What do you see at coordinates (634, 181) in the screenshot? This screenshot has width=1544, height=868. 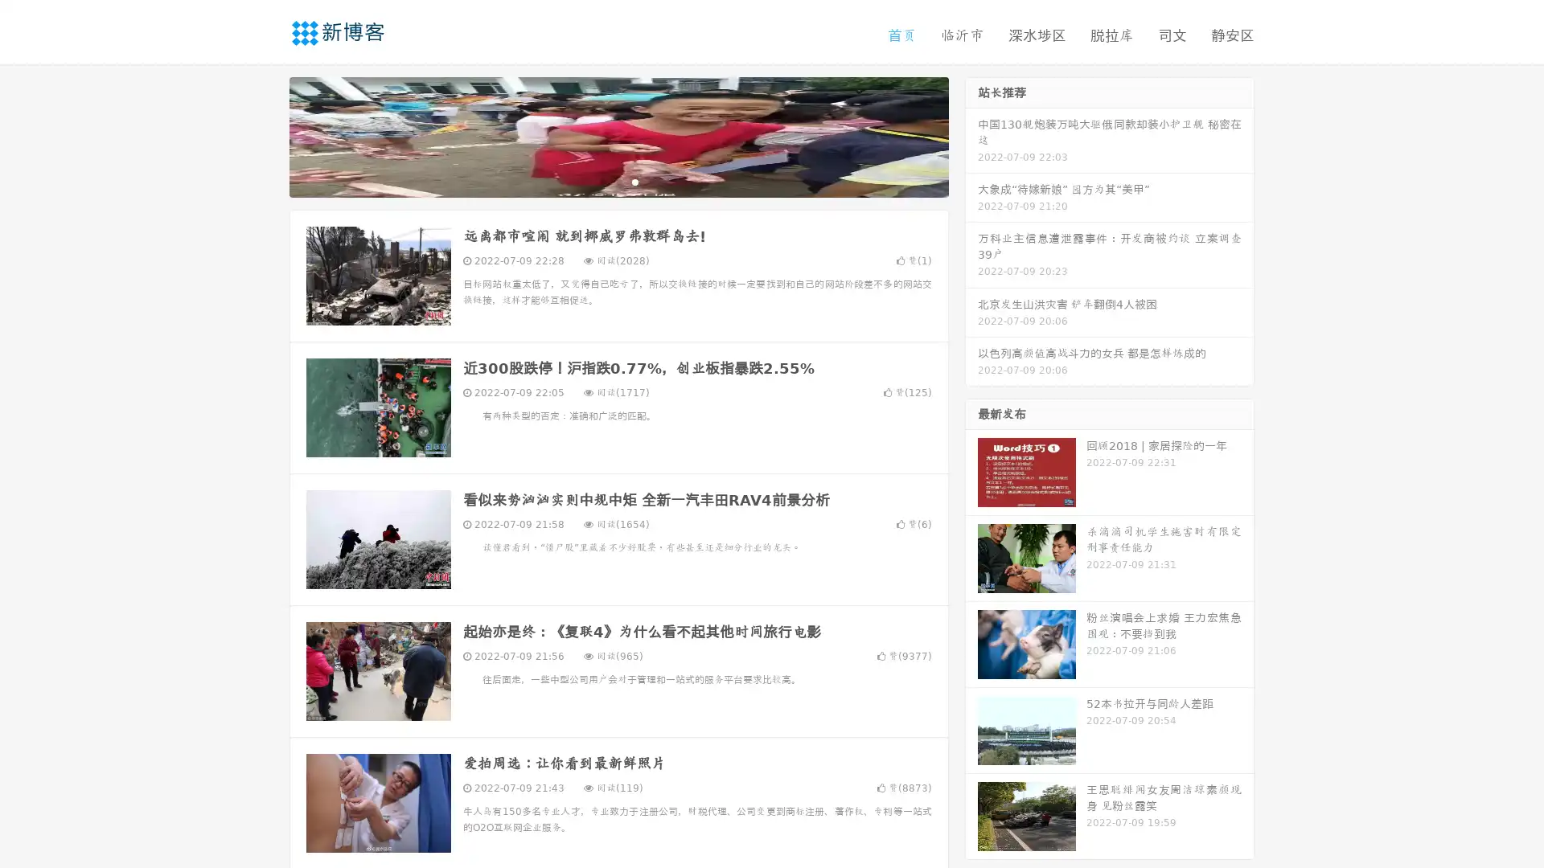 I see `Go to slide 3` at bounding box center [634, 181].